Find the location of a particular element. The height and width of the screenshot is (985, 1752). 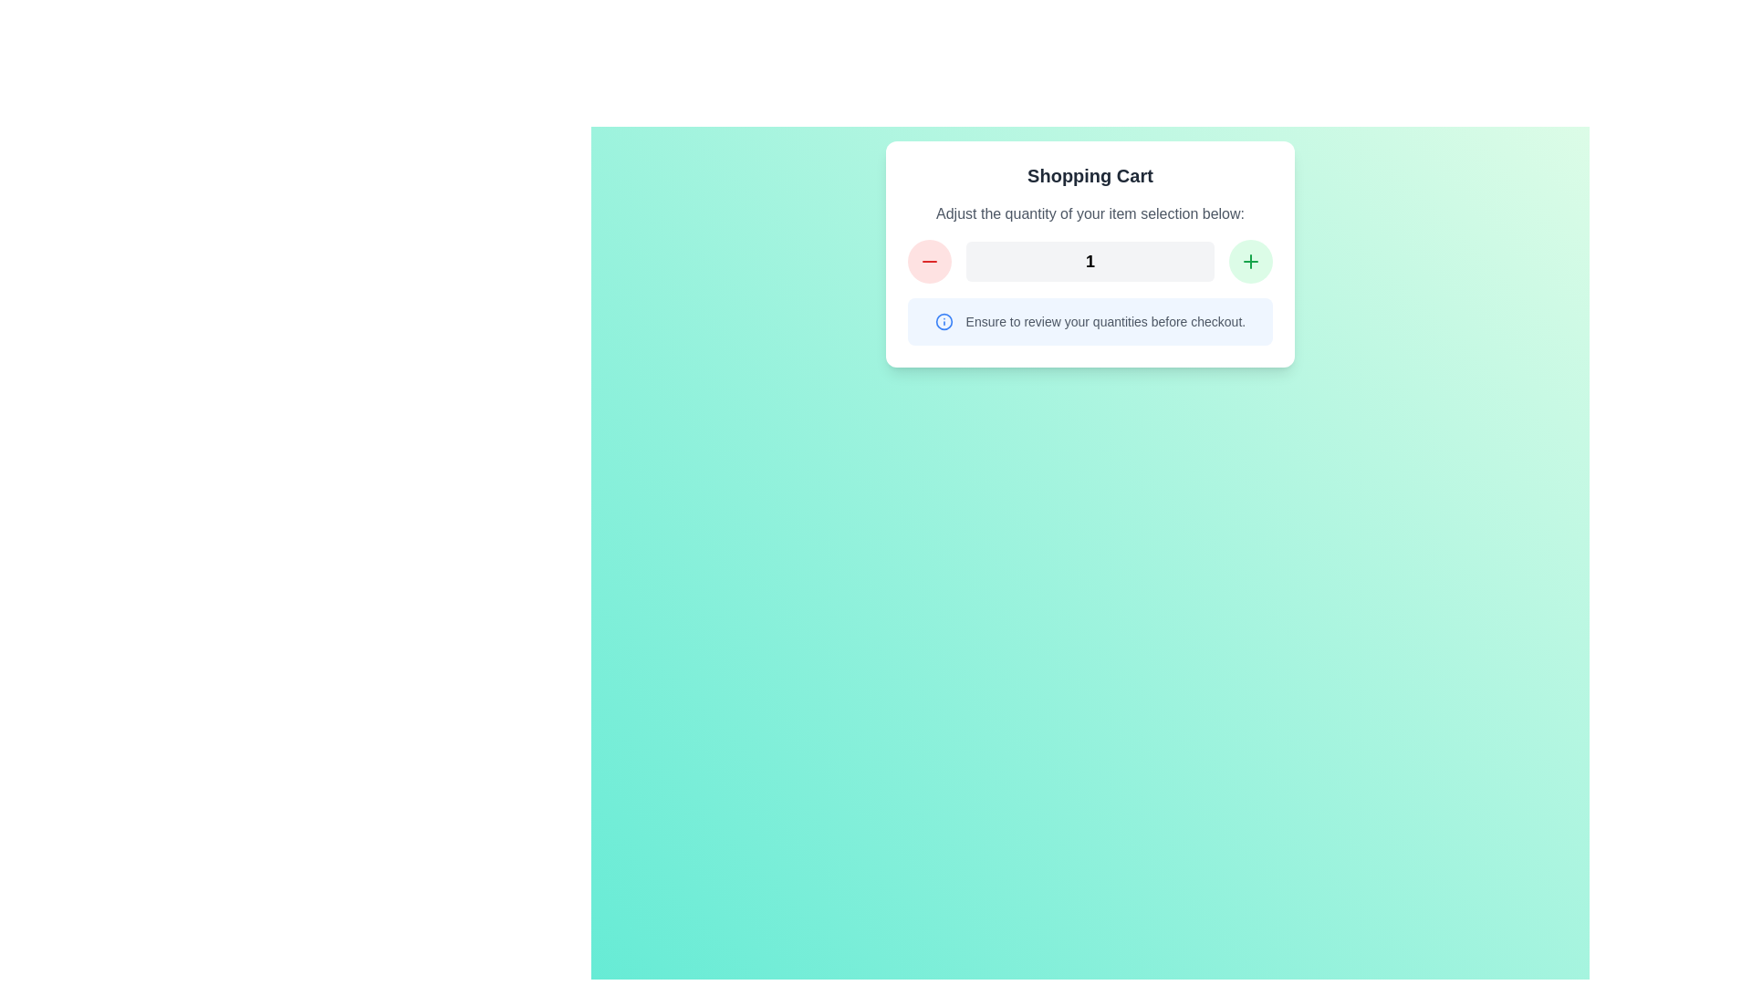

the informational message banner with a light blue background and a blue info icon, which contains the text 'Ensure to review your quantities before checkout.' is located at coordinates (1090, 321).